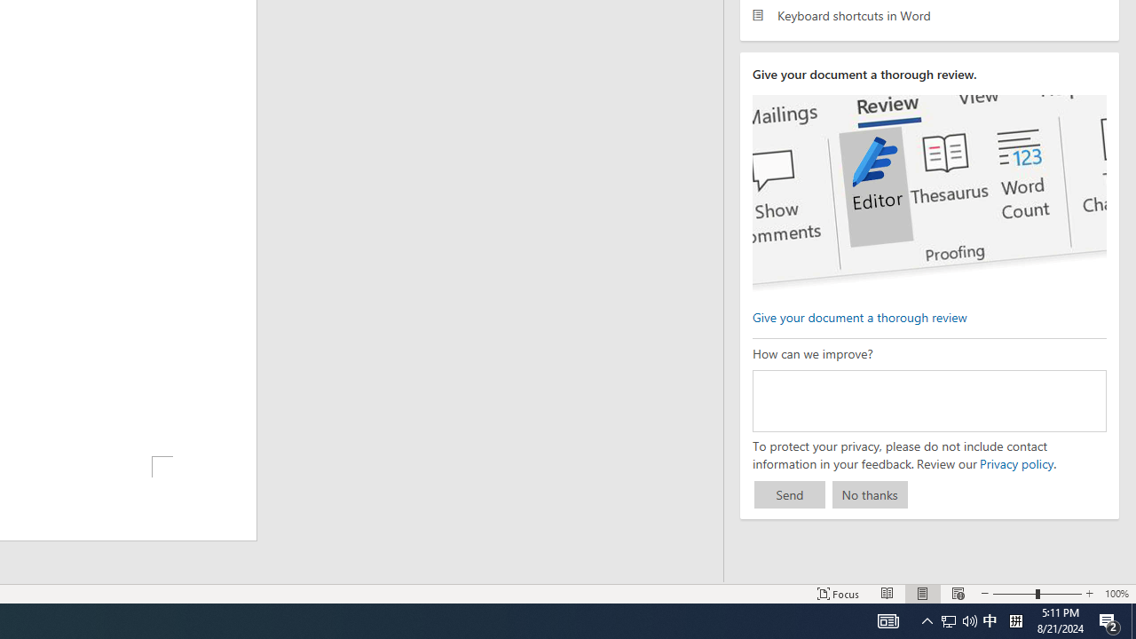 The height and width of the screenshot is (639, 1136). Describe the element at coordinates (1116, 594) in the screenshot. I see `'Zoom 100%'` at that location.